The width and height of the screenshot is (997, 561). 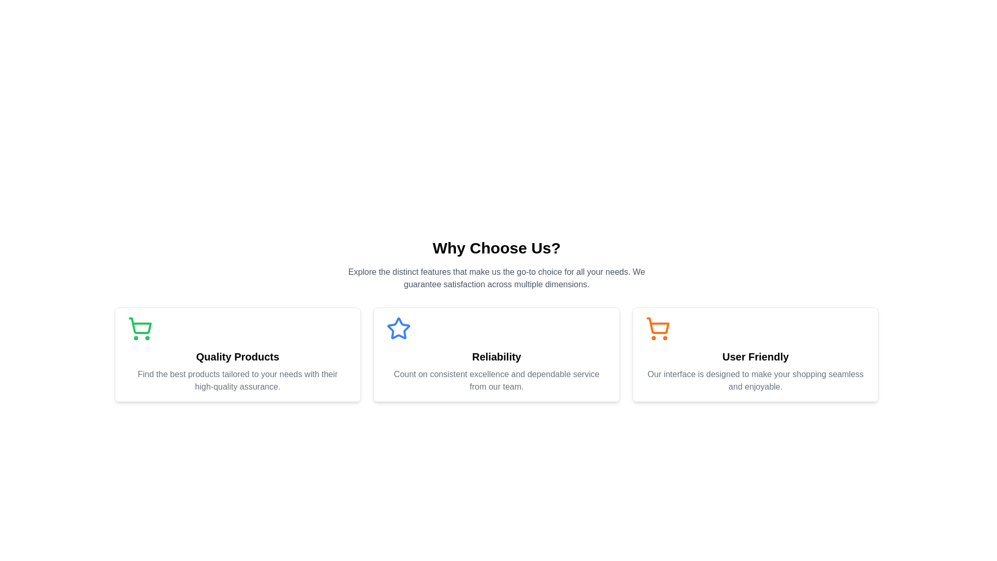 What do you see at coordinates (496, 354) in the screenshot?
I see `the Informational Card that features a star icon and the header text 'Reliability', which is the second card from the left in a grid layout` at bounding box center [496, 354].